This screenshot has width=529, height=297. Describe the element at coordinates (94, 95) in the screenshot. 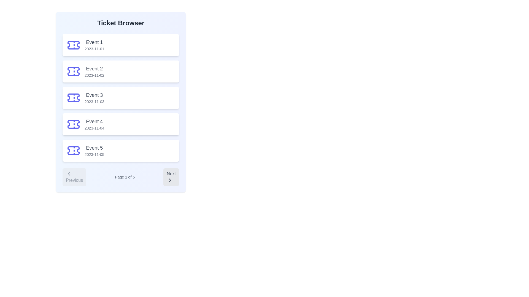

I see `contents of the Text Label displaying 'Event 3', located on the left section of a list layout, specifically the third entry within a vertically stacked series of similar event items` at that location.